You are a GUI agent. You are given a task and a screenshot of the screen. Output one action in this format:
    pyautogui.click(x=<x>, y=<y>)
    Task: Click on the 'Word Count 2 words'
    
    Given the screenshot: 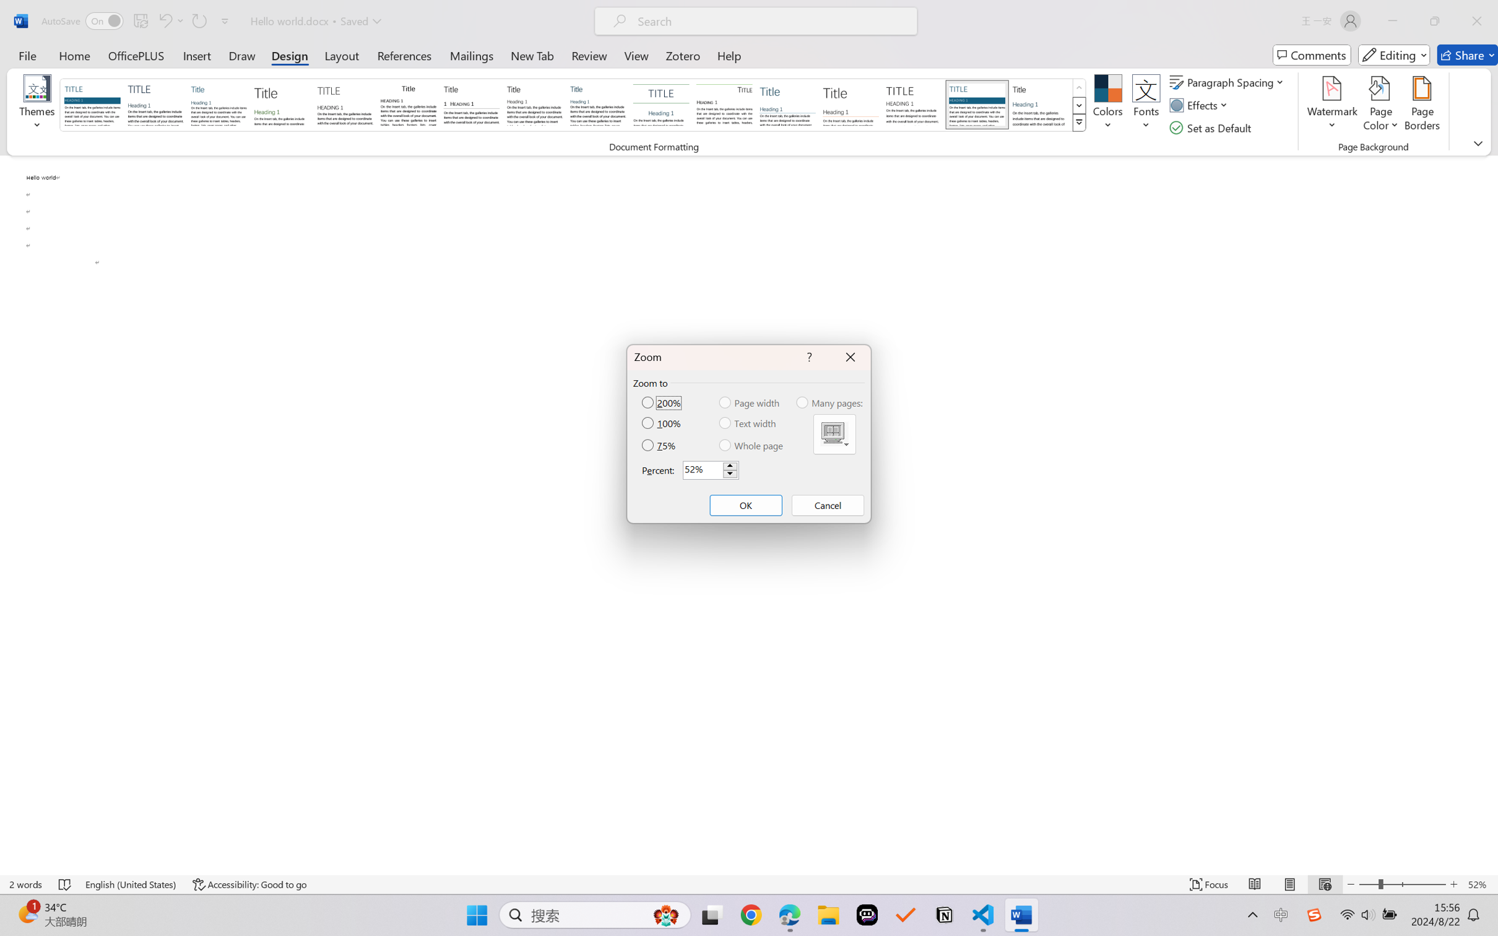 What is the action you would take?
    pyautogui.click(x=26, y=884)
    